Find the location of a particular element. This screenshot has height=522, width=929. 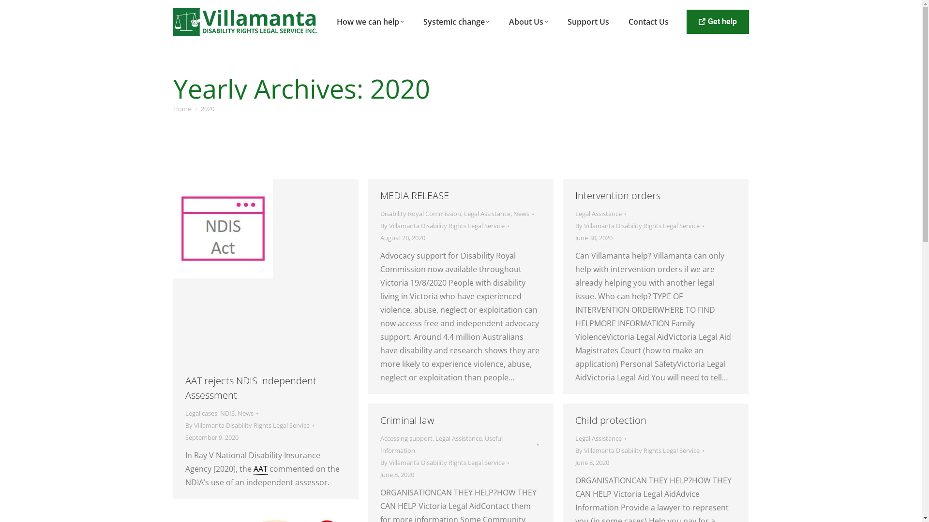

'Legal cases' is located at coordinates (185, 413).